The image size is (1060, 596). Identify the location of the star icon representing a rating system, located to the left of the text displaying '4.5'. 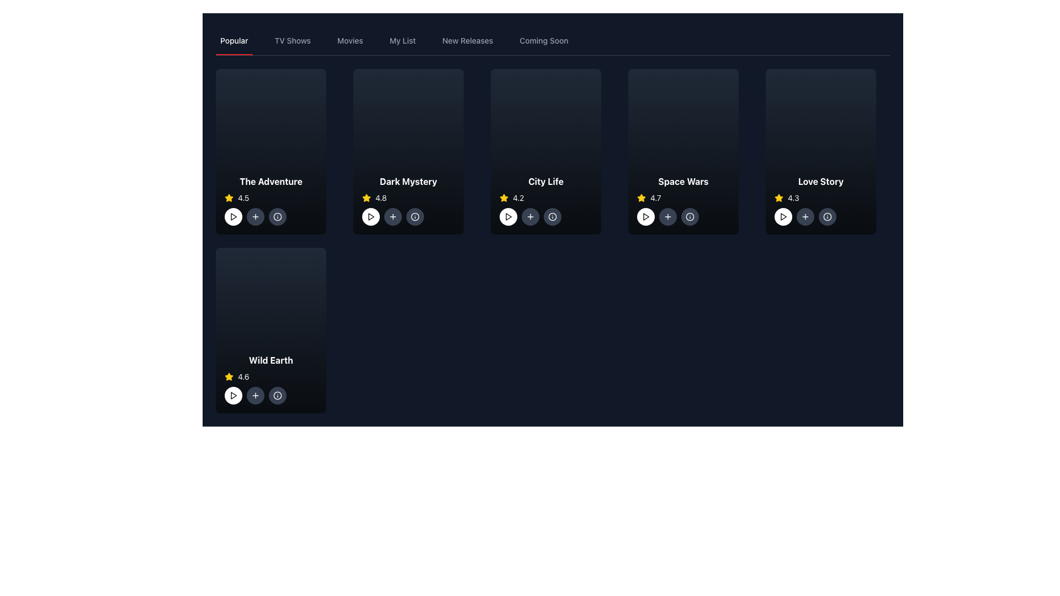
(228, 197).